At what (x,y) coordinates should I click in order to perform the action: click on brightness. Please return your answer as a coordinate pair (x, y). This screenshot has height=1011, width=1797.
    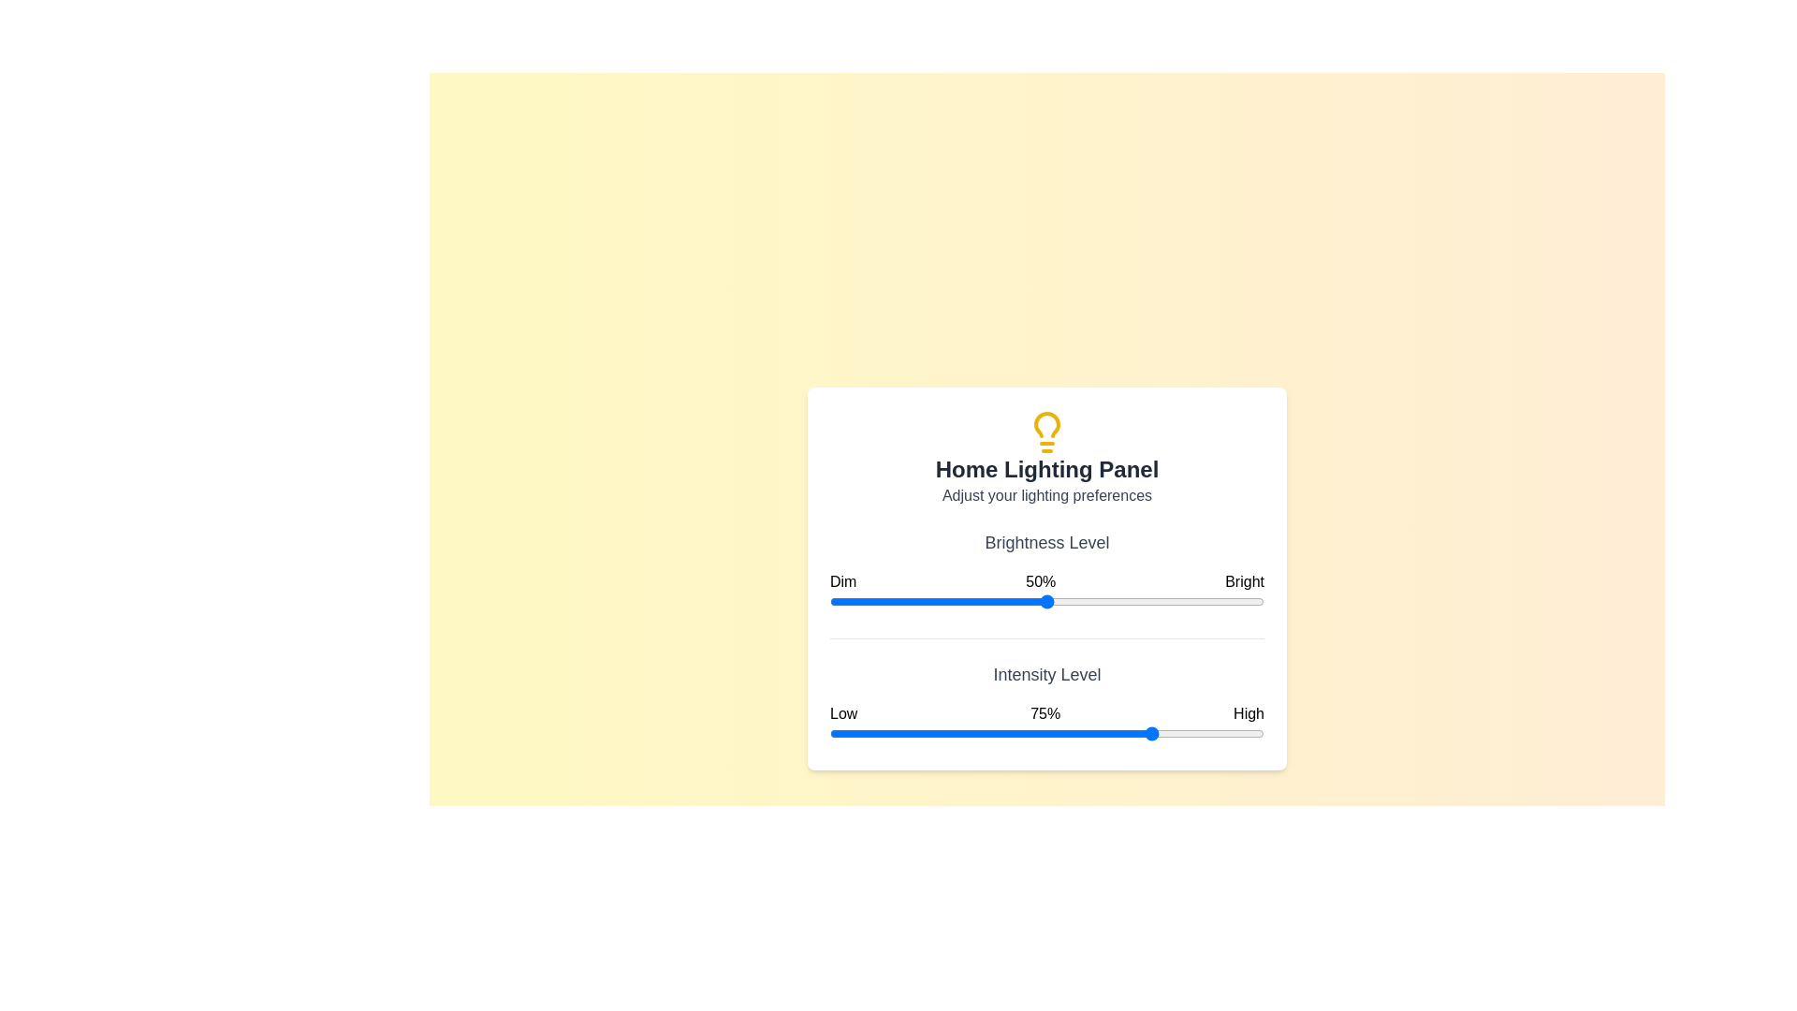
    Looking at the image, I should click on (1217, 601).